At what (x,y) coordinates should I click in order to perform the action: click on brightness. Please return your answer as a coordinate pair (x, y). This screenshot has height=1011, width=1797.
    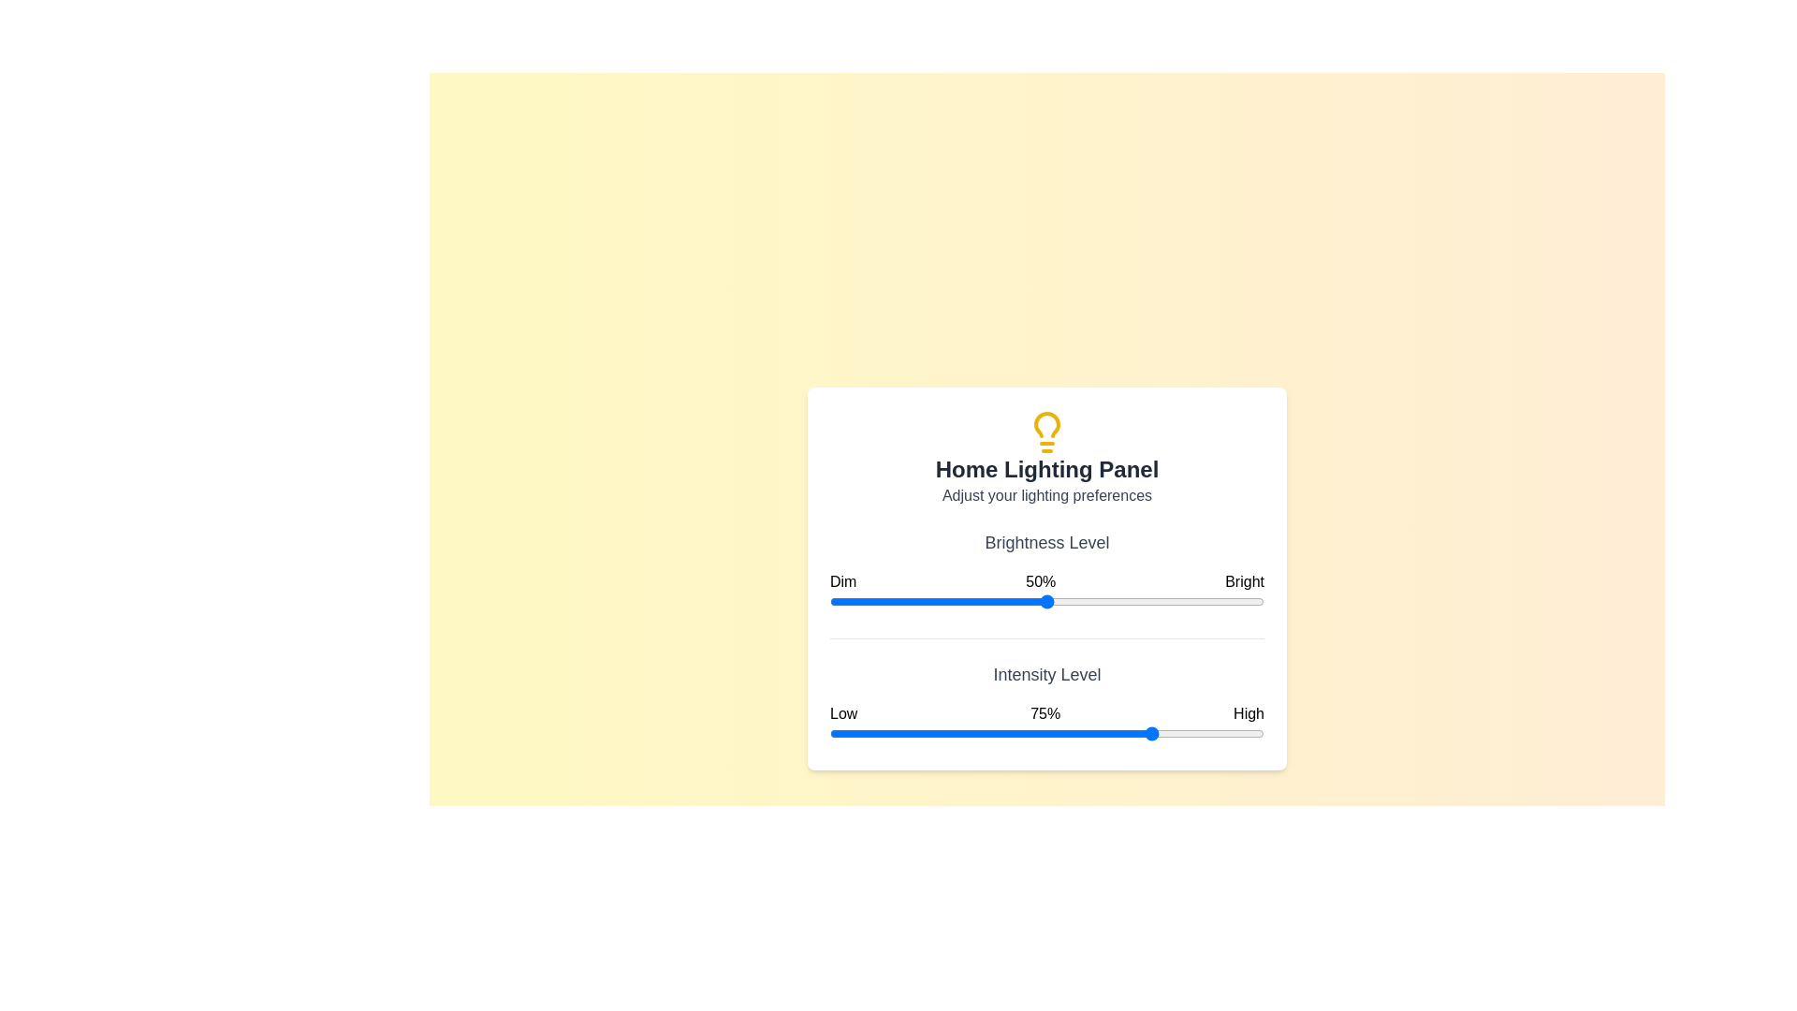
    Looking at the image, I should click on (1217, 601).